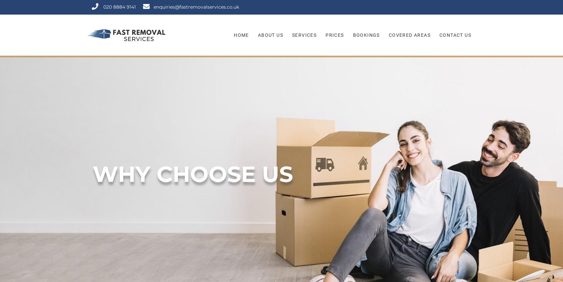  Describe the element at coordinates (304, 35) in the screenshot. I see `'Services'` at that location.